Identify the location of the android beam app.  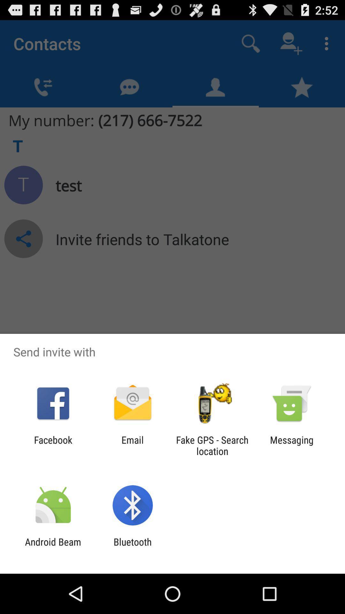
(53, 547).